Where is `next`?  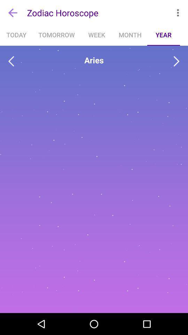 next is located at coordinates (177, 61).